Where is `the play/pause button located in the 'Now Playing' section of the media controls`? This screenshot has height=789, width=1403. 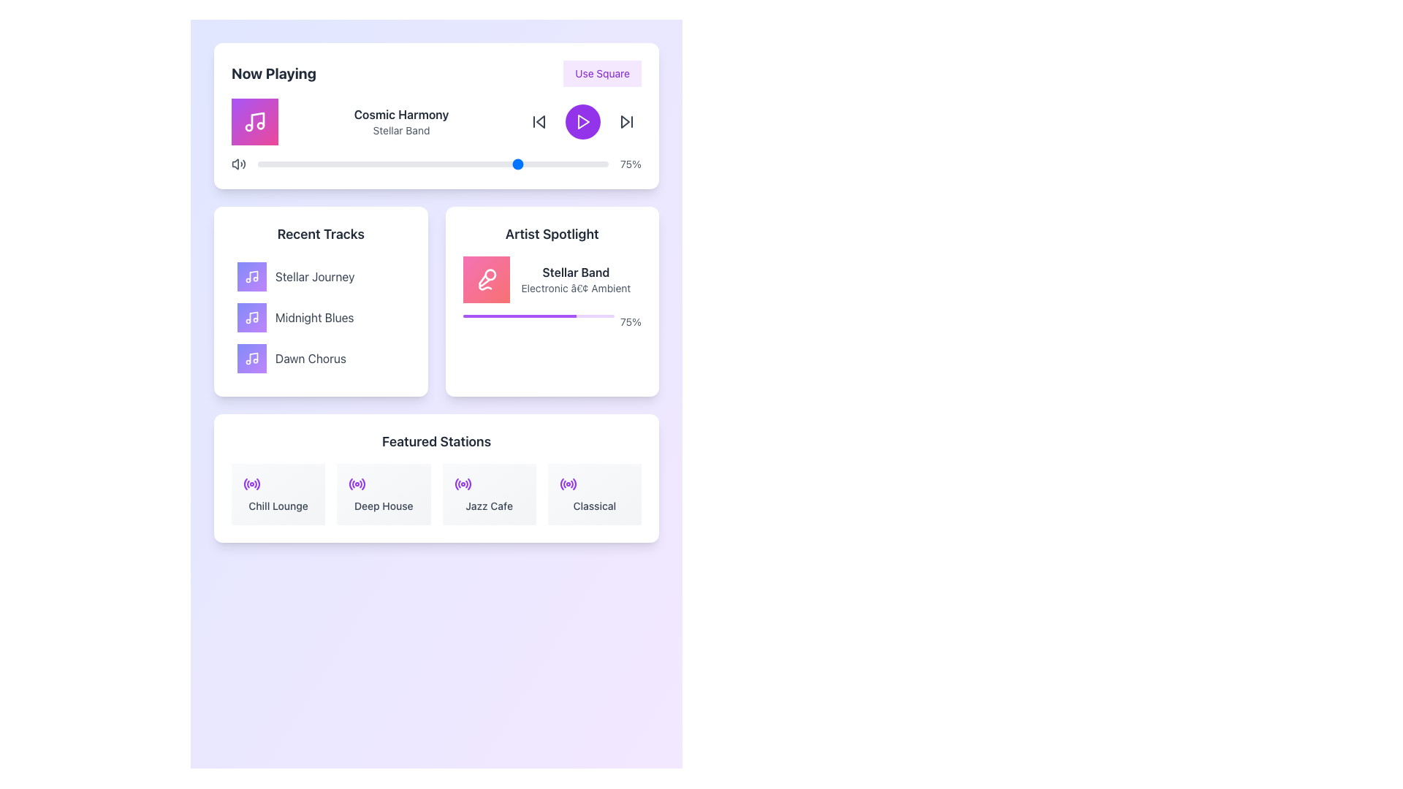
the play/pause button located in the 'Now Playing' section of the media controls is located at coordinates (582, 121).